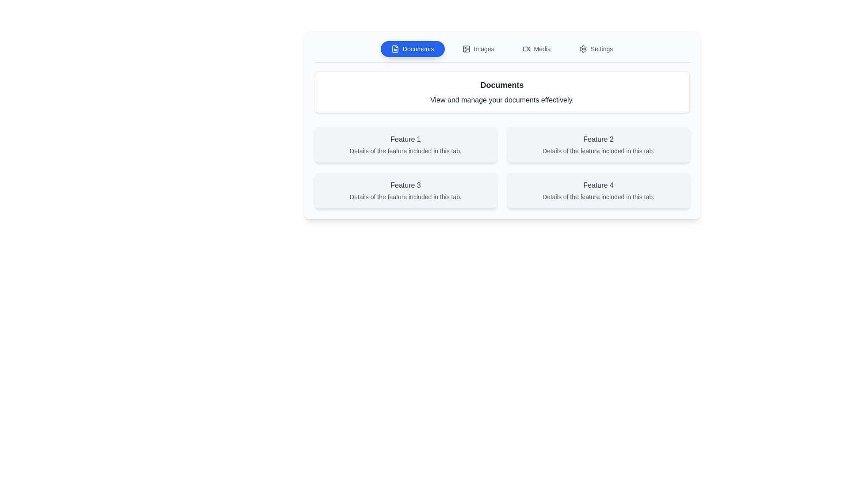 The width and height of the screenshot is (849, 477). What do you see at coordinates (405, 139) in the screenshot?
I see `the text label that serves as the title or header for the feature description, located at the top section of the first feature's card in a grid layout` at bounding box center [405, 139].